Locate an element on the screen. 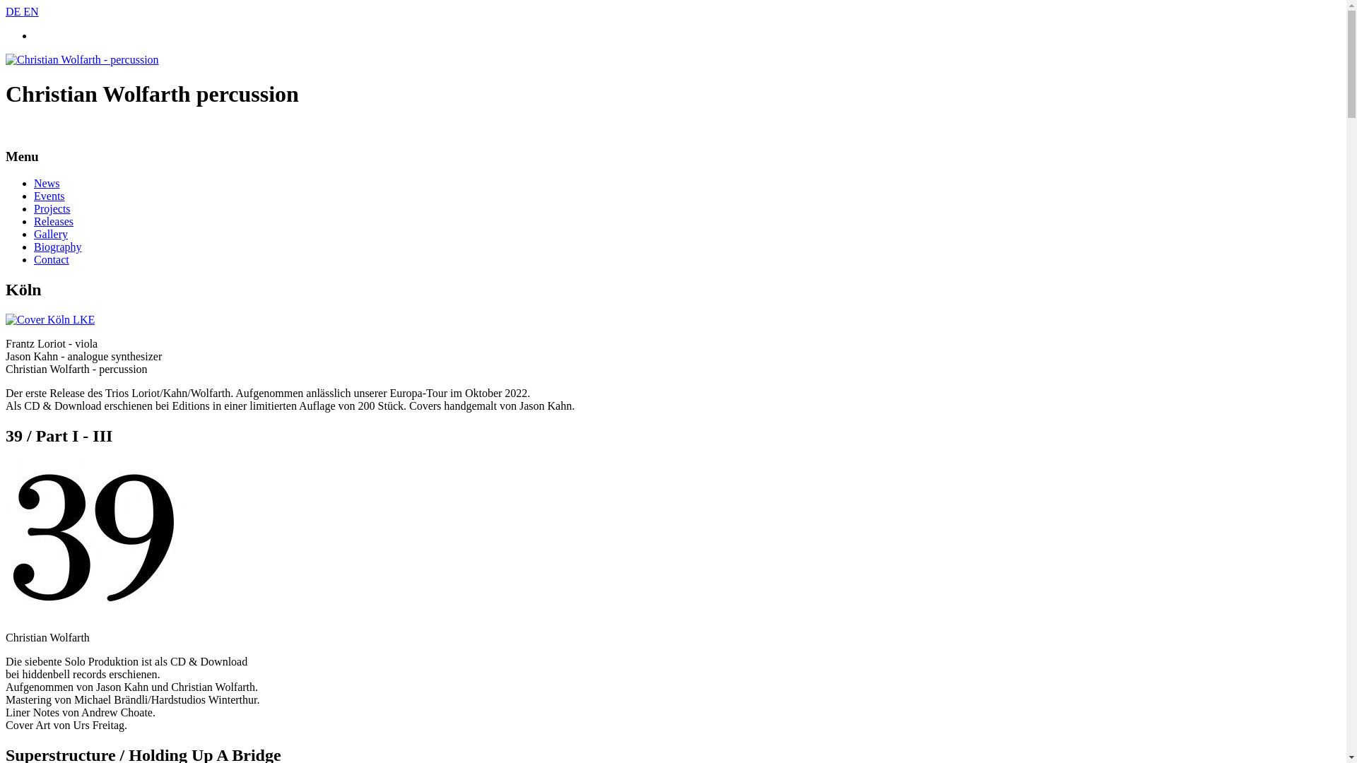  'Releases' is located at coordinates (54, 221).